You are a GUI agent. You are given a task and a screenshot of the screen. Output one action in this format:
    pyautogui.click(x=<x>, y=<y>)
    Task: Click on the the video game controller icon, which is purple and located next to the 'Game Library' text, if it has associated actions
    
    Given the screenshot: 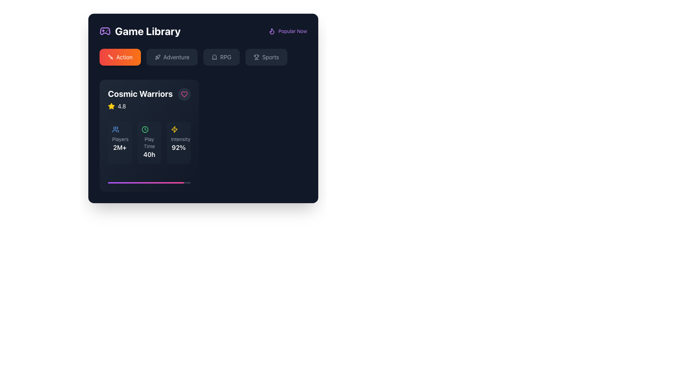 What is the action you would take?
    pyautogui.click(x=104, y=31)
    